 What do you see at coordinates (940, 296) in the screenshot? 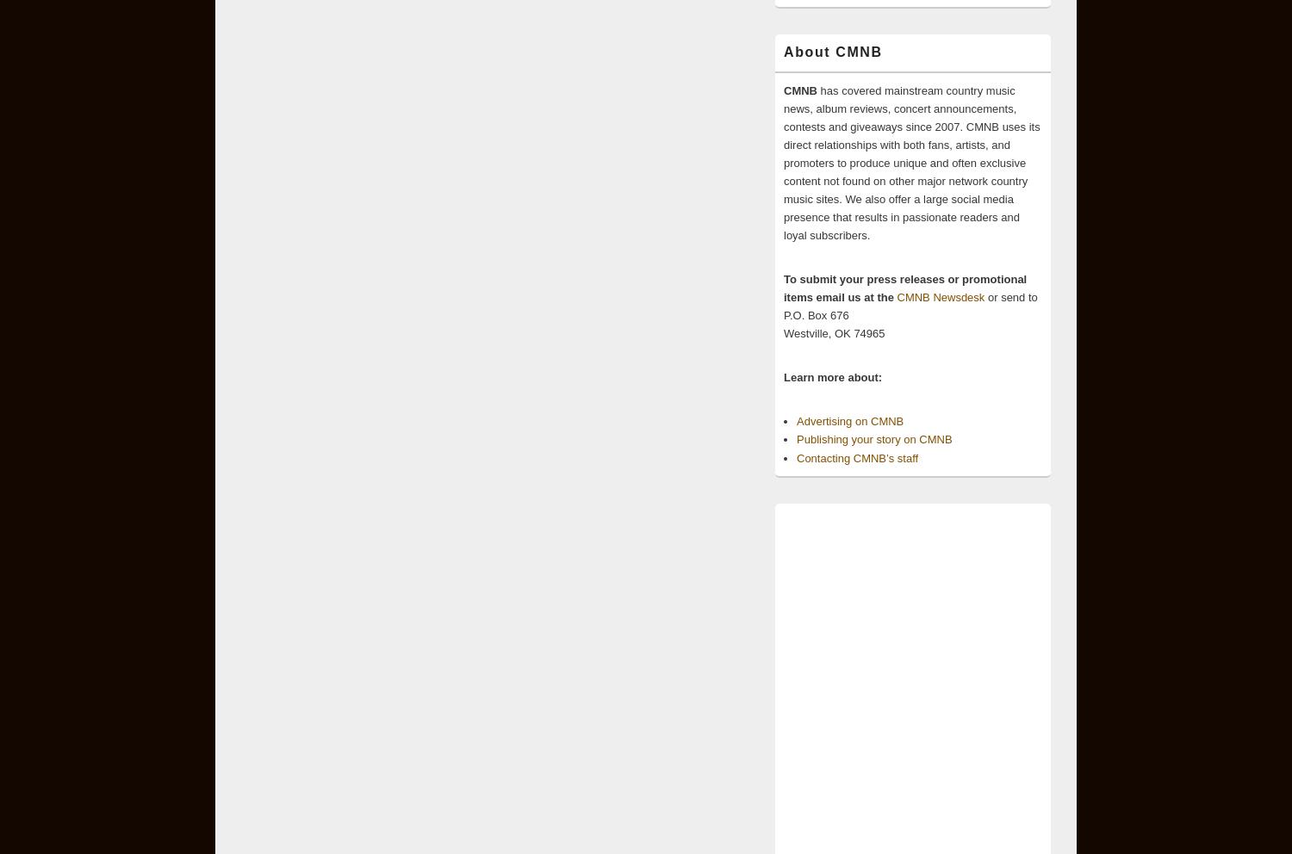
I see `'CMNB Newsdesk'` at bounding box center [940, 296].